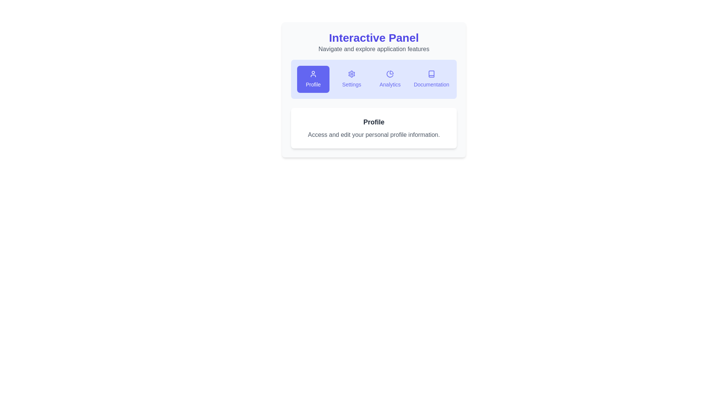 This screenshot has height=406, width=723. What do you see at coordinates (351, 84) in the screenshot?
I see `the 'Settings' text label that is displayed in indigo color and positioned below a gear icon within the main panel` at bounding box center [351, 84].